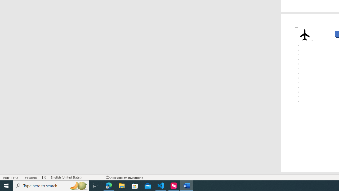  Describe the element at coordinates (30, 177) in the screenshot. I see `'Word Count 184 words'` at that location.